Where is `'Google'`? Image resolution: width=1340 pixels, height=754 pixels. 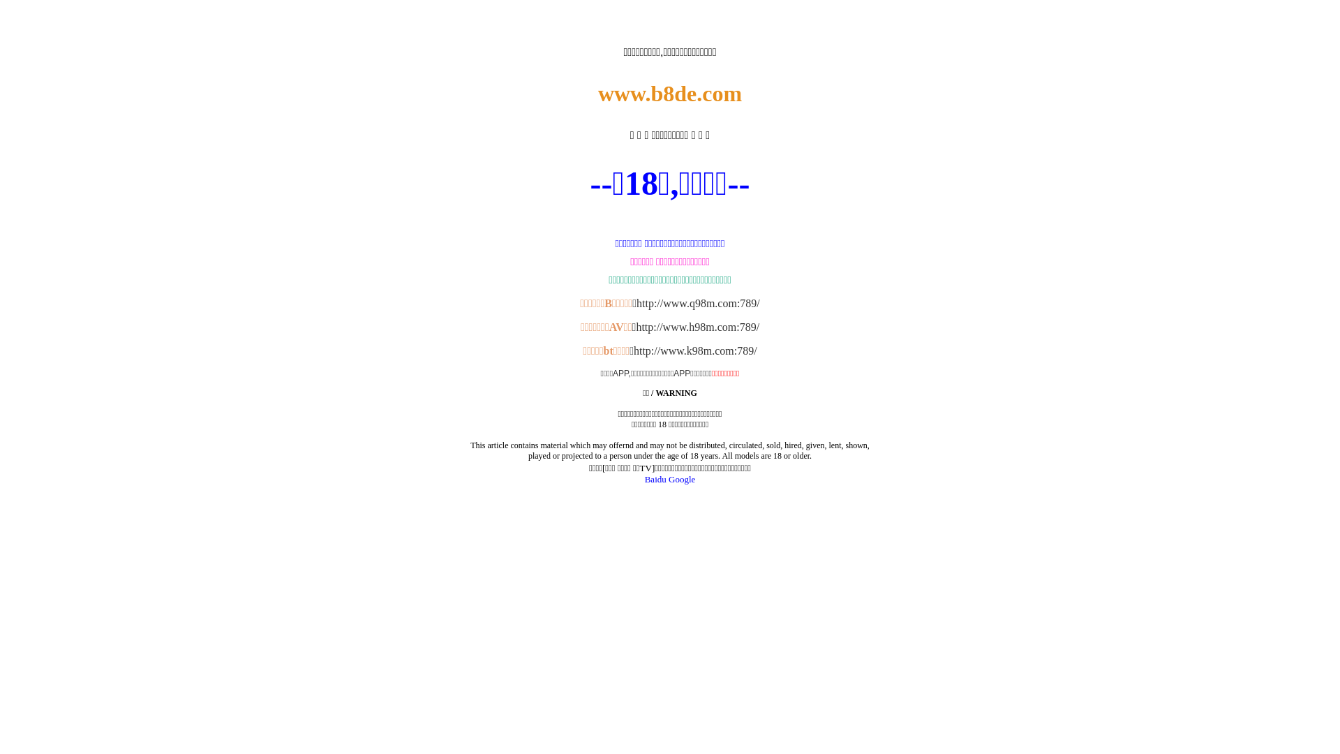 'Google' is located at coordinates (682, 478).